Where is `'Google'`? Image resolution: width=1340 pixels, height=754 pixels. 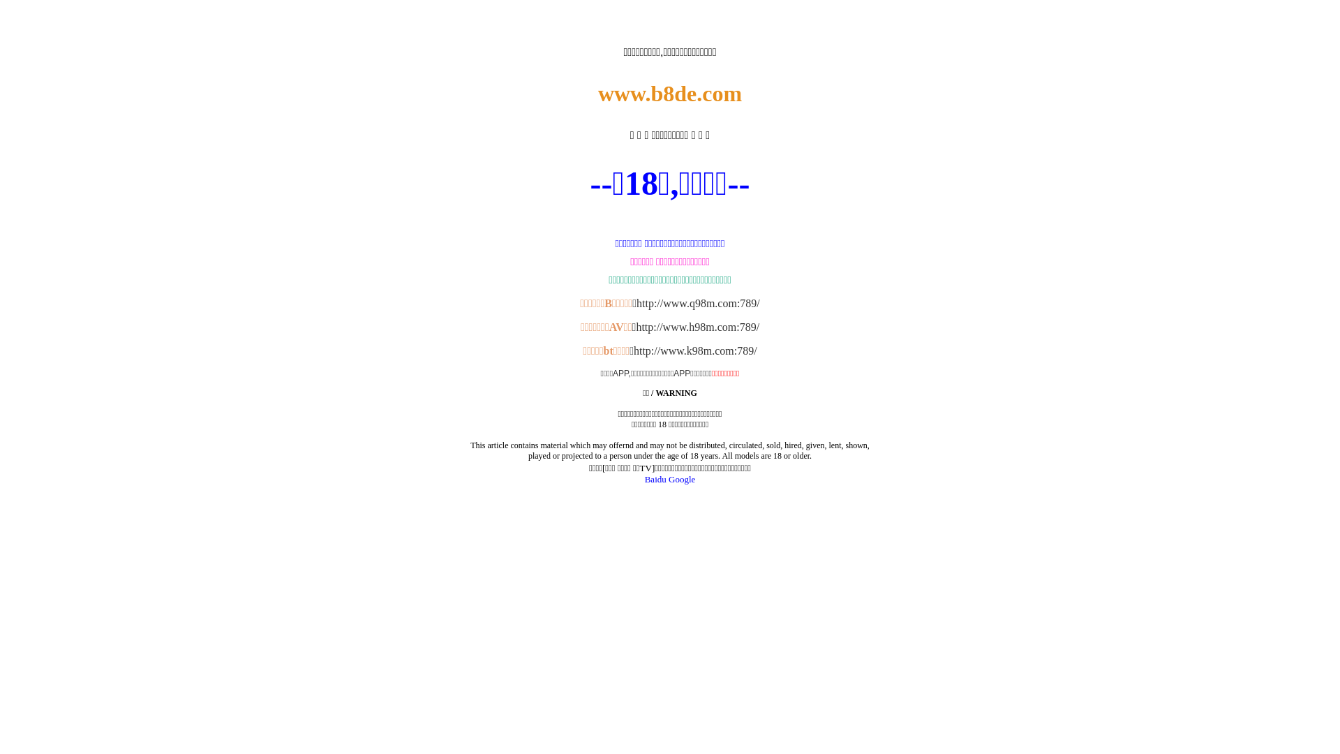 'Google' is located at coordinates (682, 478).